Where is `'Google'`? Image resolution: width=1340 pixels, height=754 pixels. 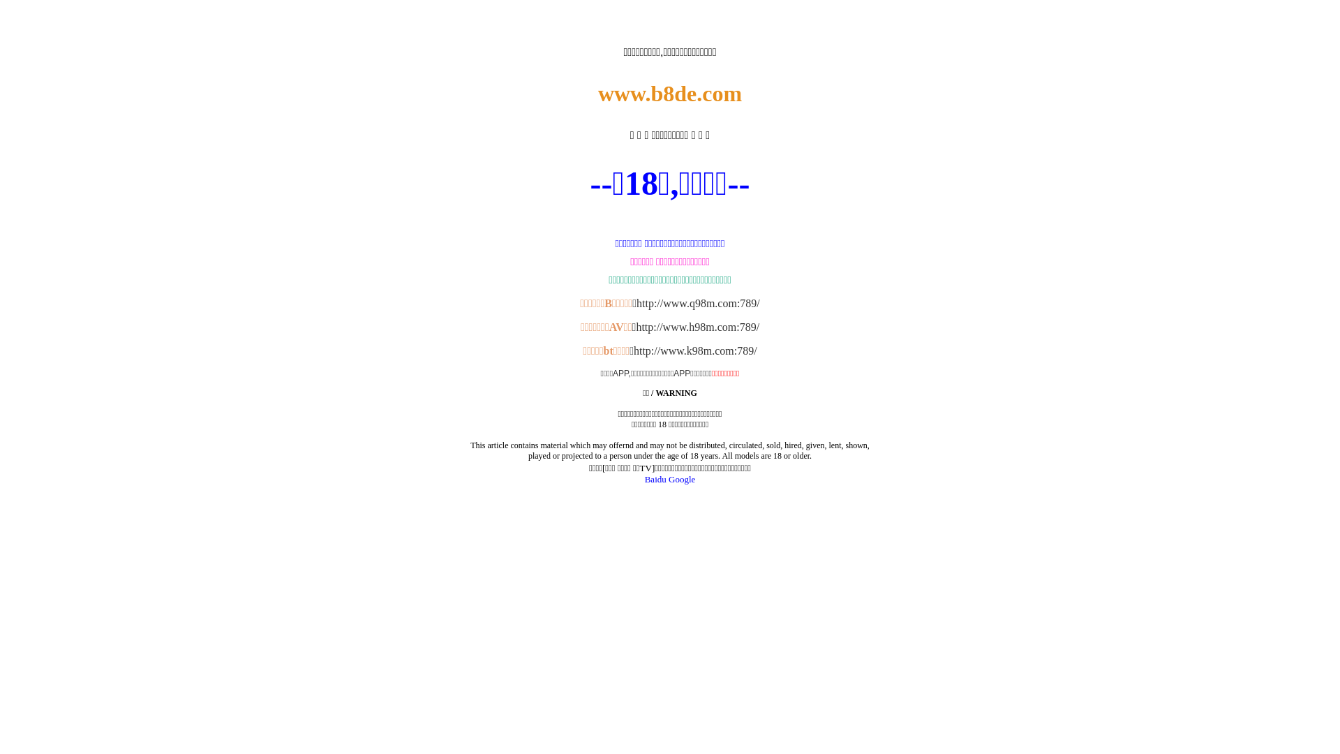 'Google' is located at coordinates (682, 478).